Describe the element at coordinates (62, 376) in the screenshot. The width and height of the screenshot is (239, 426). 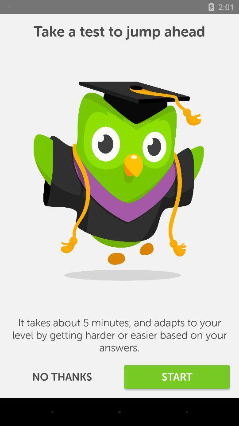
I see `icon at the bottom left corner` at that location.